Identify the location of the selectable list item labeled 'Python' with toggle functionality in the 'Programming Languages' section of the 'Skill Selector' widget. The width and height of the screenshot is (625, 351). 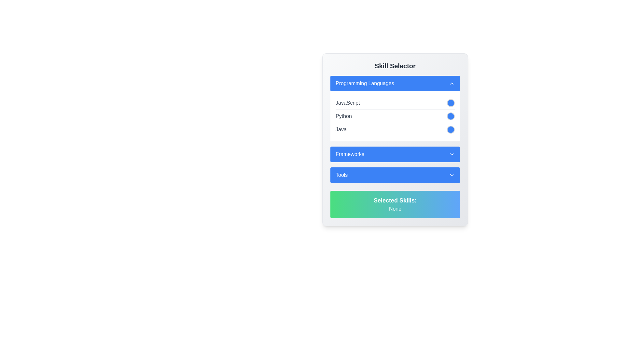
(395, 116).